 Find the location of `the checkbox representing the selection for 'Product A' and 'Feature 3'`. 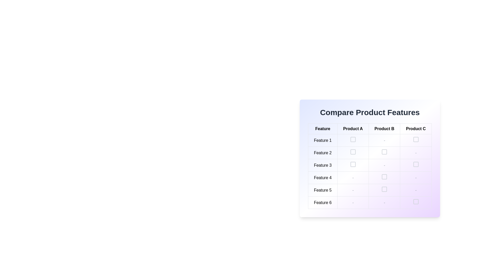

the checkbox representing the selection for 'Product A' and 'Feature 3' is located at coordinates (353, 164).